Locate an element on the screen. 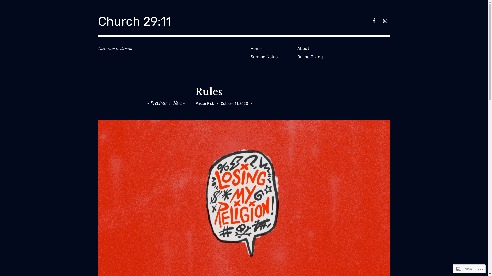 This screenshot has height=276, width=492. 'Instagram' is located at coordinates (385, 21).